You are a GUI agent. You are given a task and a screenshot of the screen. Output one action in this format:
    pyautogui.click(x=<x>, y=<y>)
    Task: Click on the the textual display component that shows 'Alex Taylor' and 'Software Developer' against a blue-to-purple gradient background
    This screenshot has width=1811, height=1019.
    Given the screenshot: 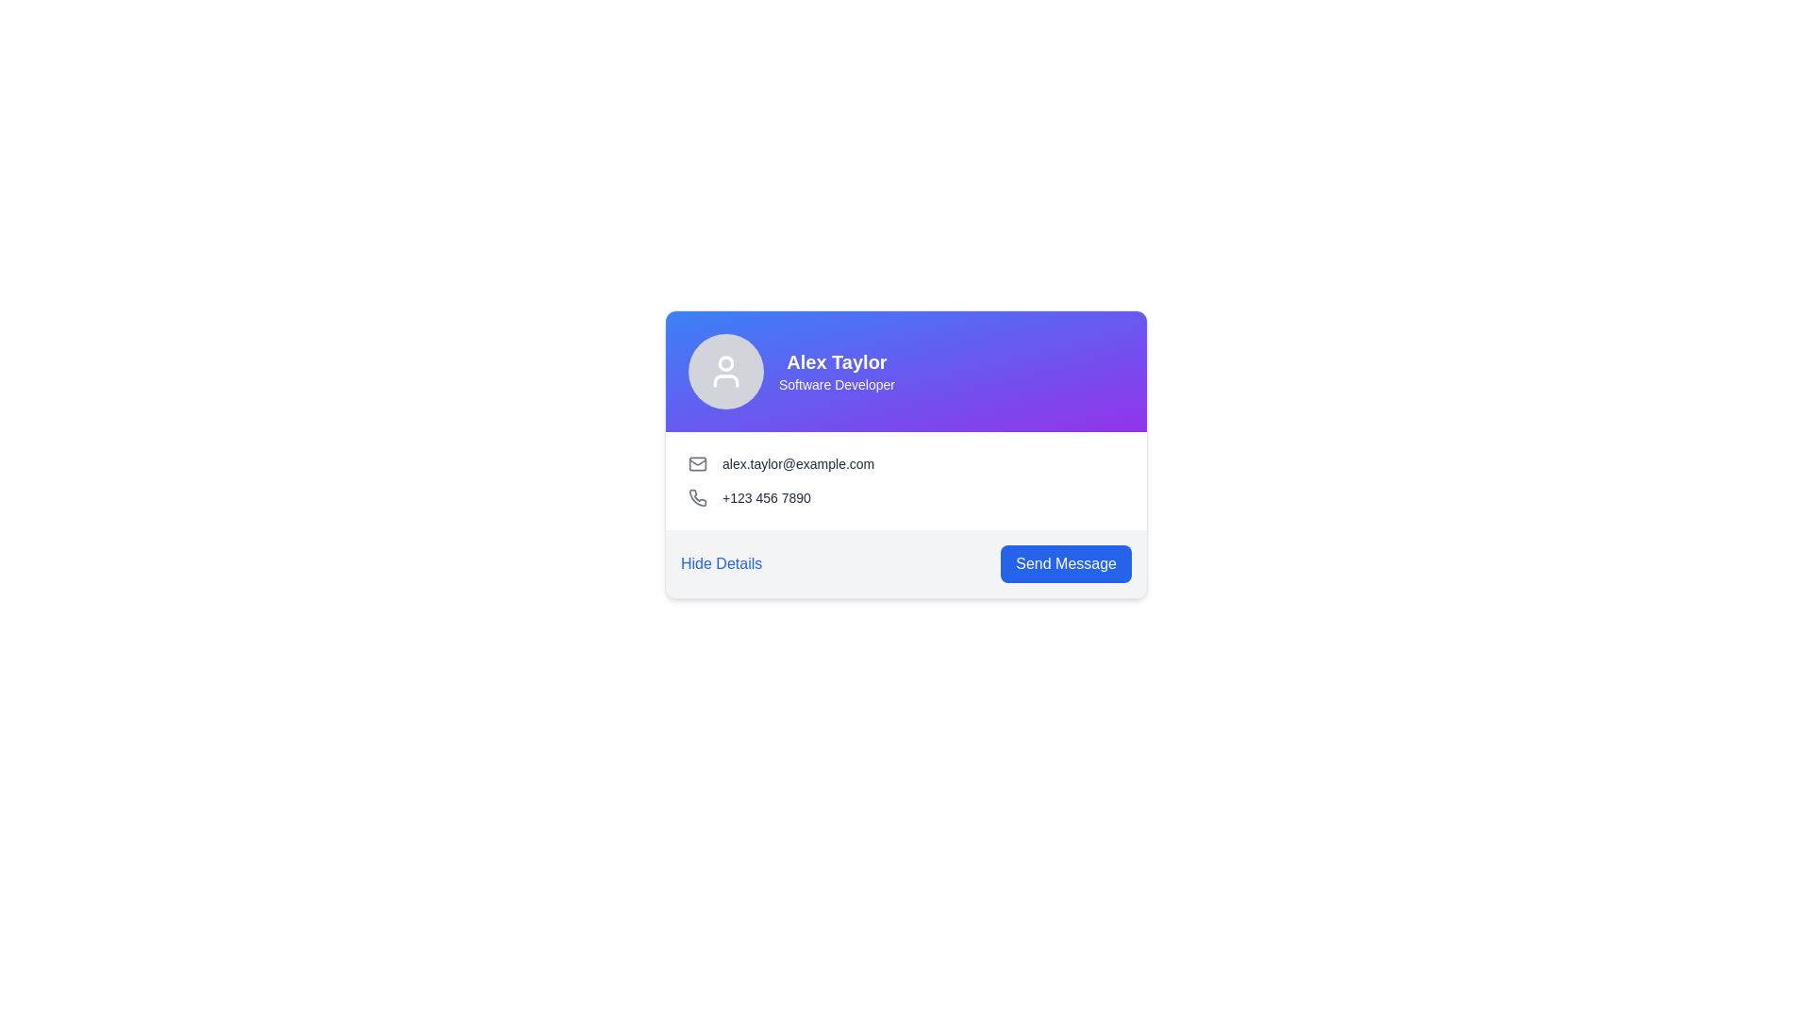 What is the action you would take?
    pyautogui.click(x=836, y=371)
    